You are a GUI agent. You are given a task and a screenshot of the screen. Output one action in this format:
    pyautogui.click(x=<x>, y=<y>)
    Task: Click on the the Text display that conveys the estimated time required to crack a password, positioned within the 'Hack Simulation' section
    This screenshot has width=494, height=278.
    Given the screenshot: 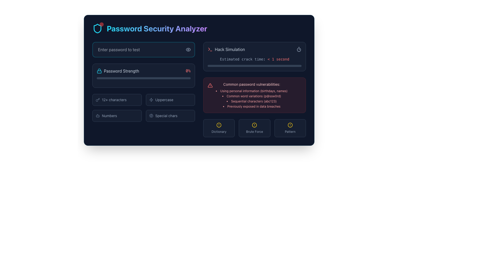 What is the action you would take?
    pyautogui.click(x=254, y=59)
    